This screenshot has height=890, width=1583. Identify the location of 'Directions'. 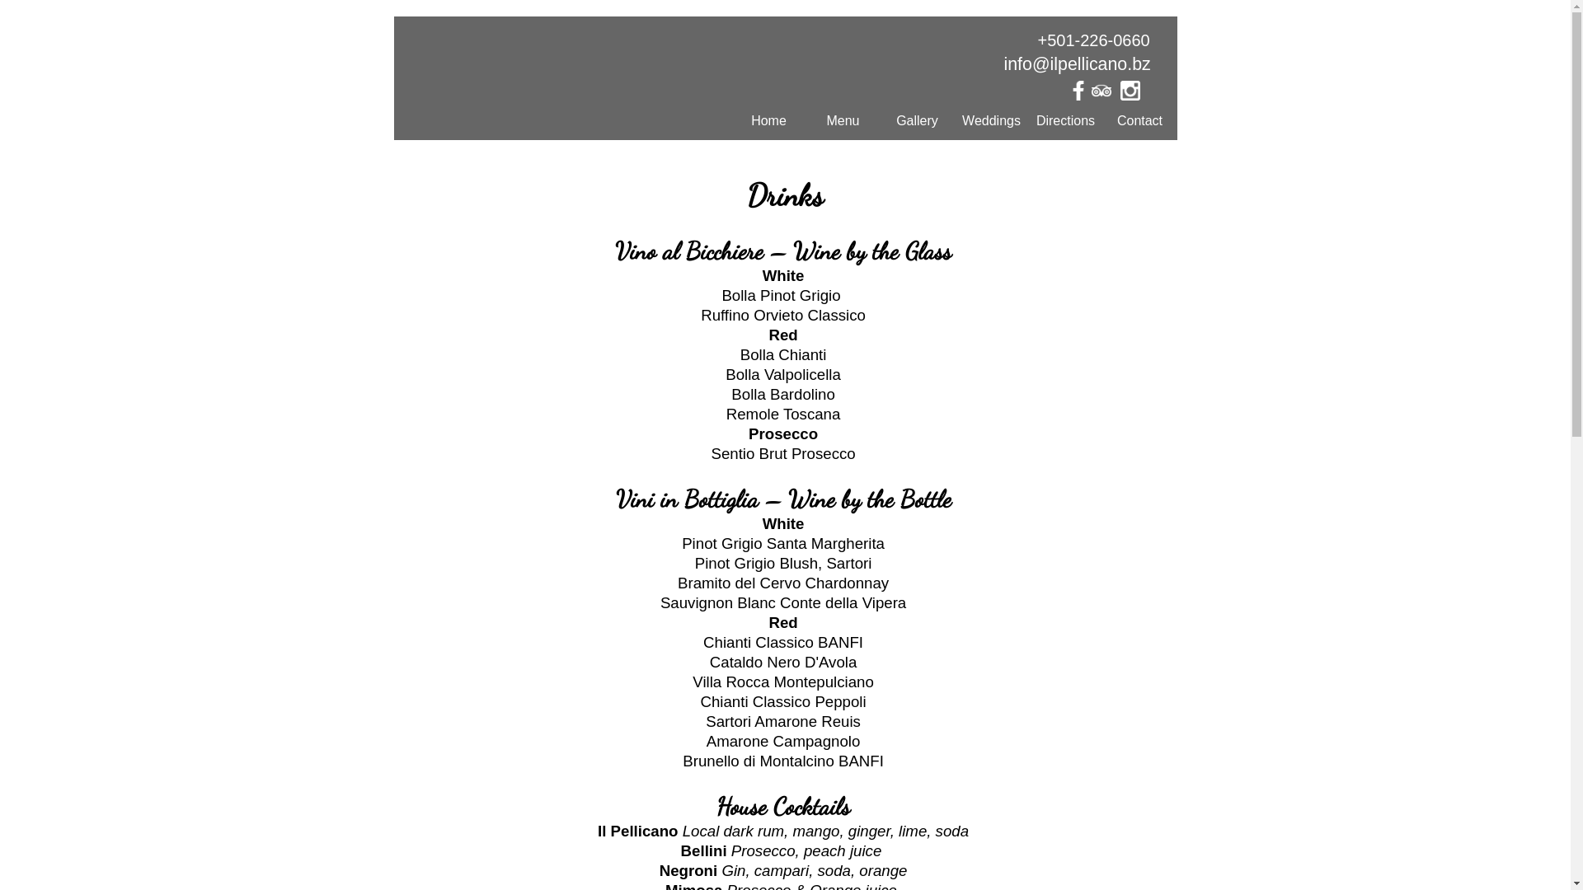
(1065, 119).